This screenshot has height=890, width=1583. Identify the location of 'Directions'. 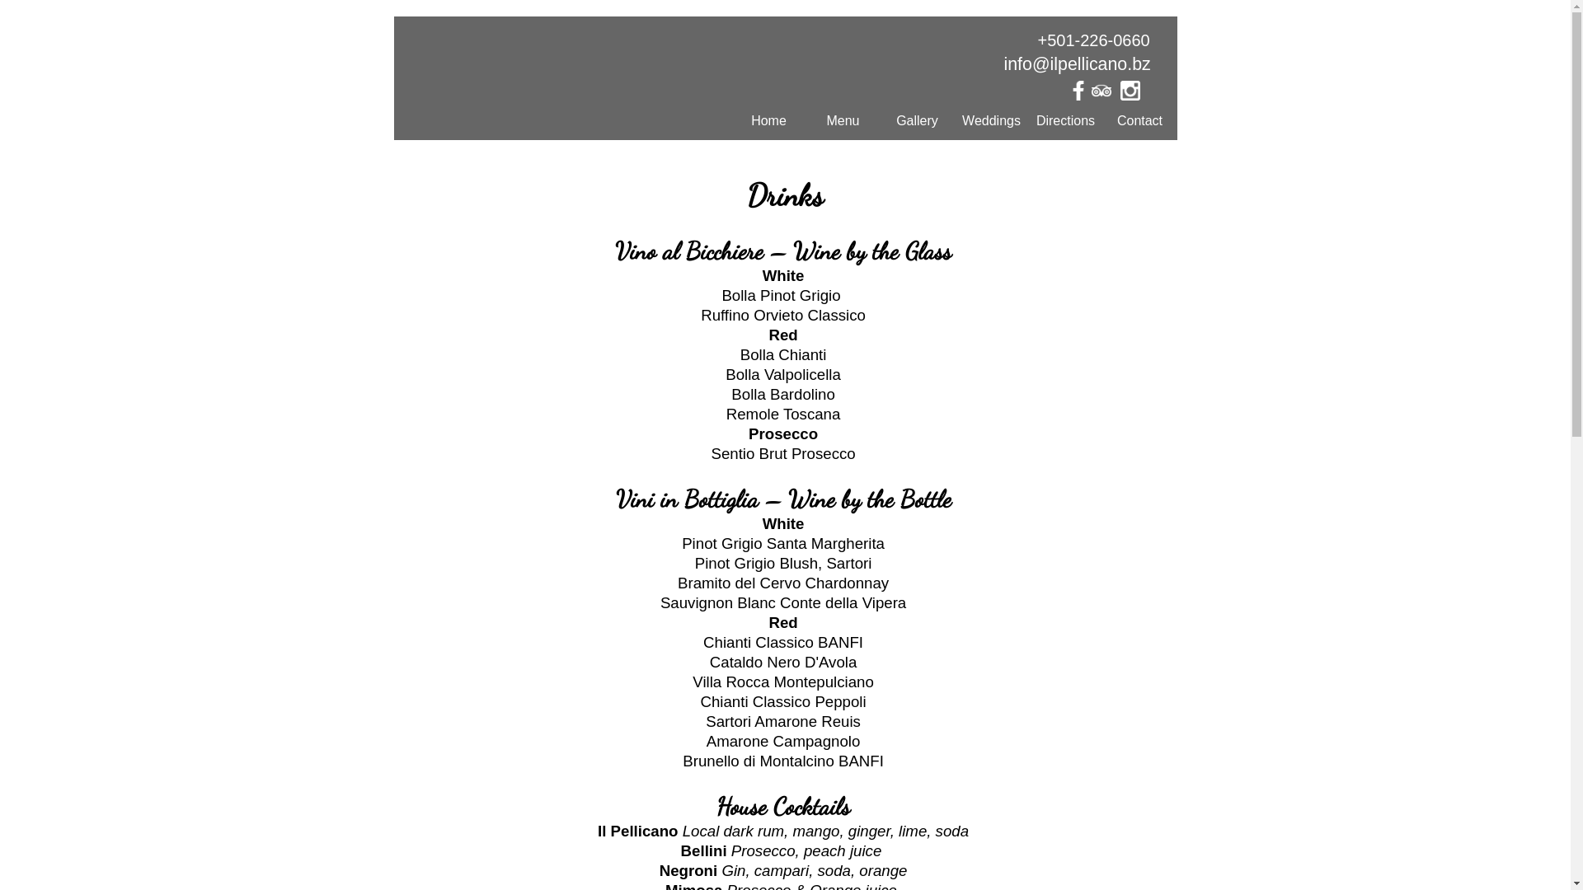
(1065, 119).